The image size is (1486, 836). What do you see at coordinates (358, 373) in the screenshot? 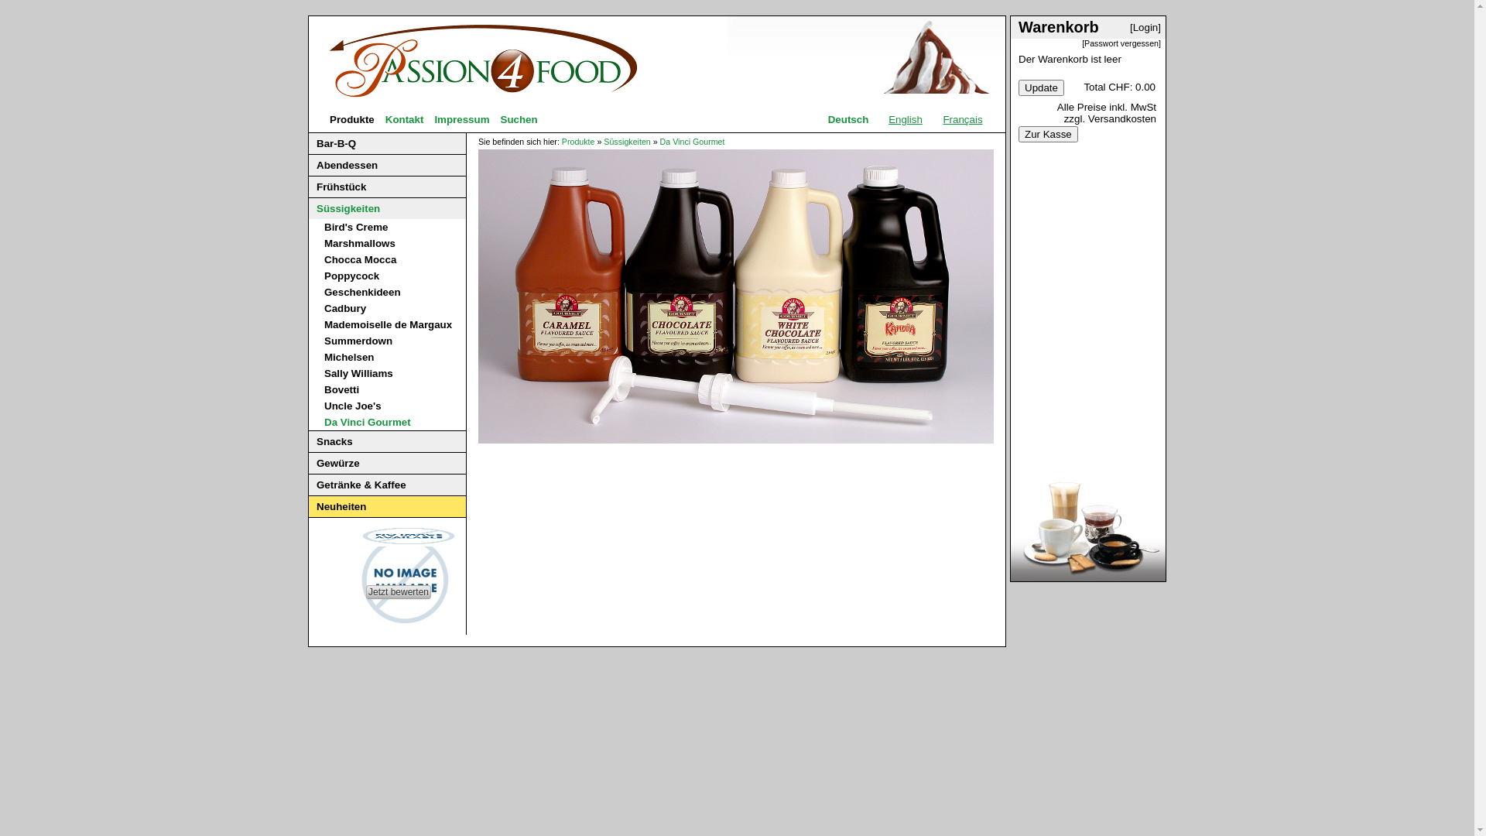
I see `'Sally Williams'` at bounding box center [358, 373].